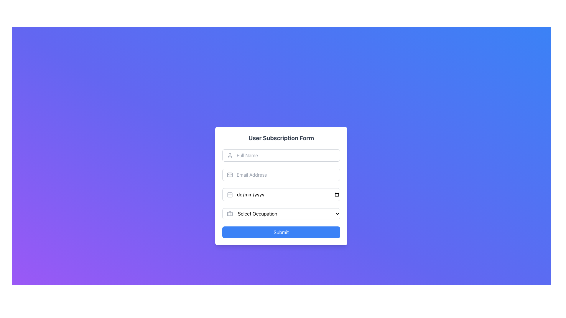 The image size is (566, 318). Describe the element at coordinates (281, 213) in the screenshot. I see `the arrow of the dropdown menu in the 'User Subscription Form'` at that location.